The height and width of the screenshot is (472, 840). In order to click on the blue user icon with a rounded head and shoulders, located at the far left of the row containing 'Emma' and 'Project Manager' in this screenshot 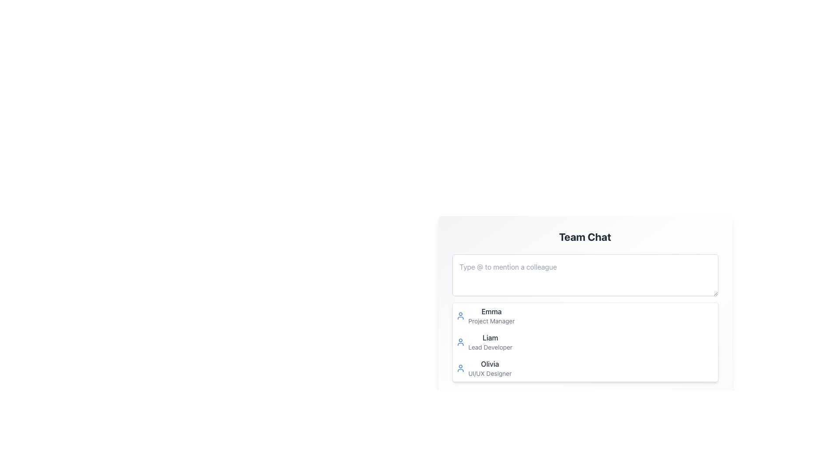, I will do `click(460, 316)`.